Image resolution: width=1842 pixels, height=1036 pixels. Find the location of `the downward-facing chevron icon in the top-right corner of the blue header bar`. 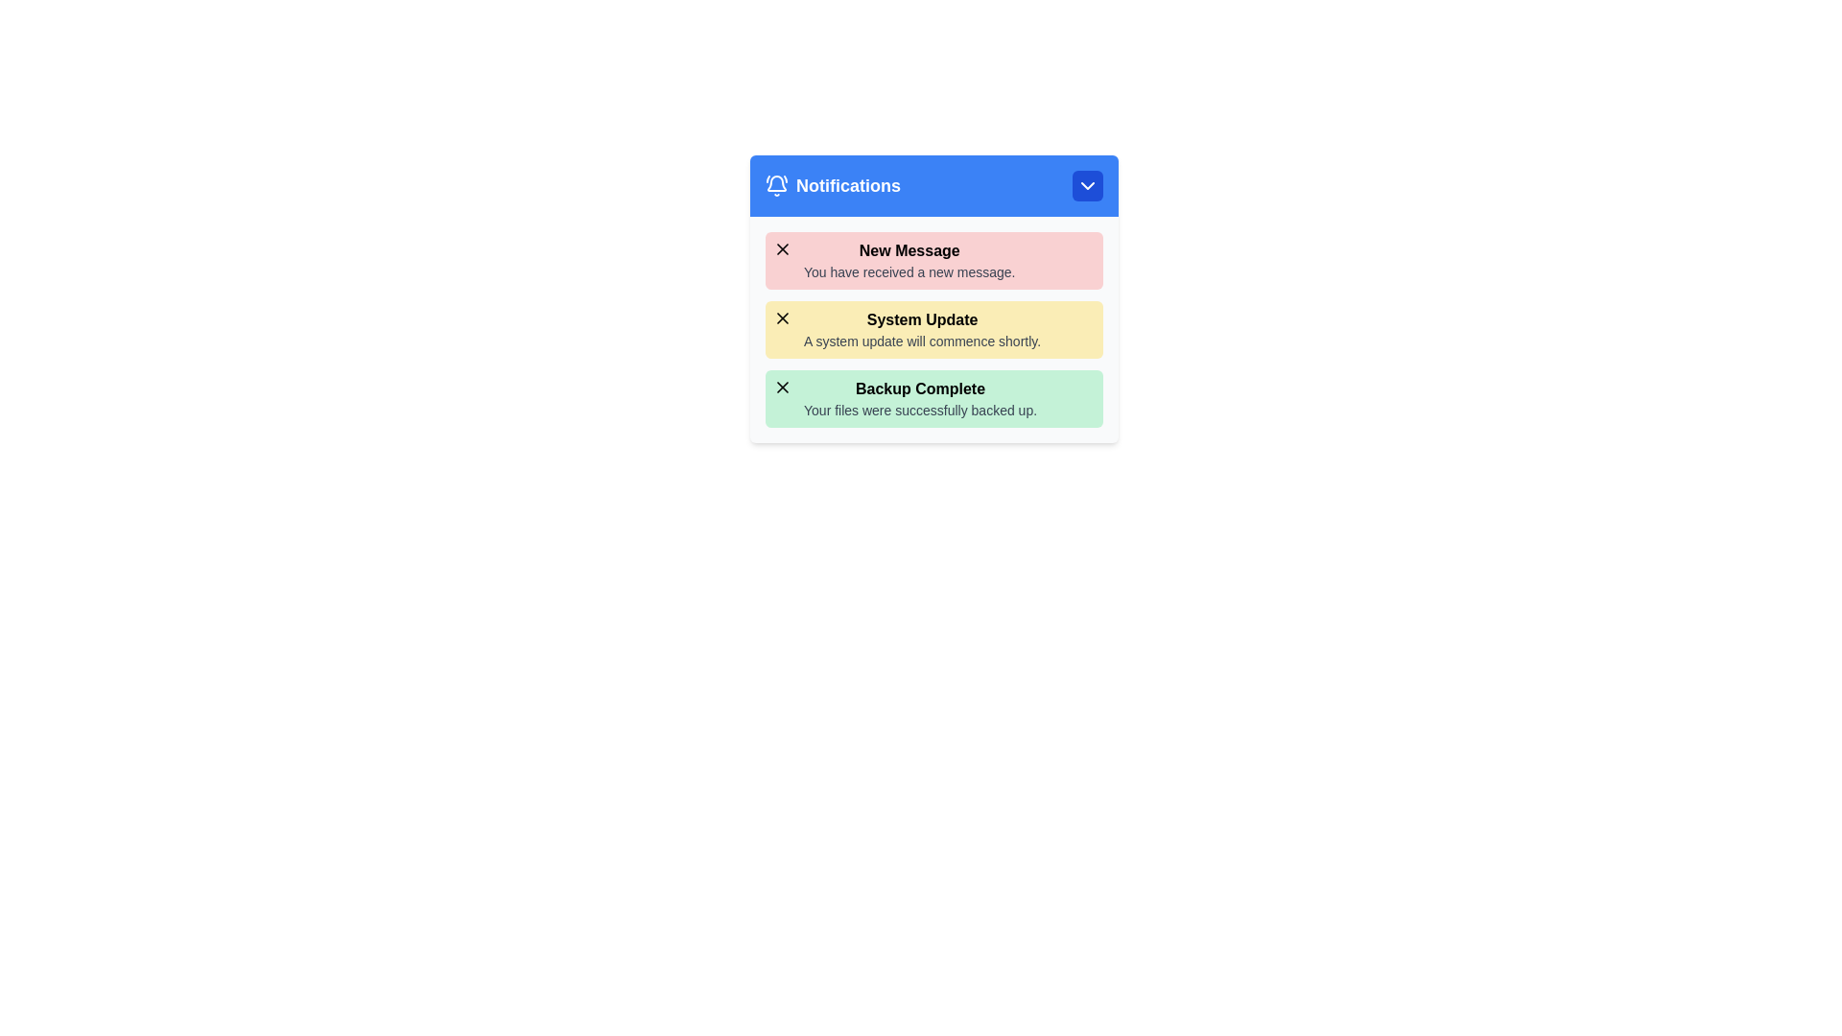

the downward-facing chevron icon in the top-right corner of the blue header bar is located at coordinates (1087, 185).